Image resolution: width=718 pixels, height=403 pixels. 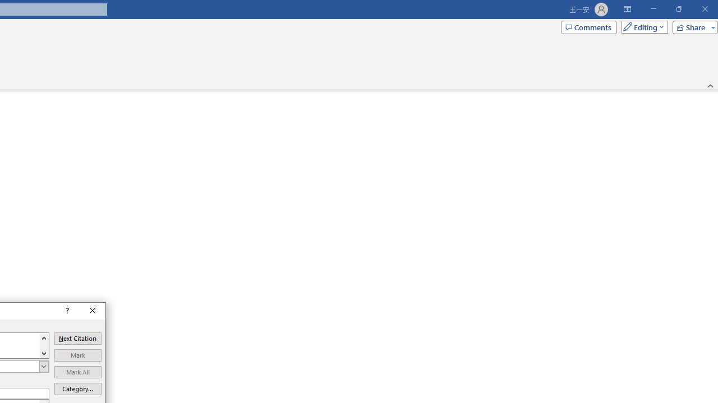 What do you see at coordinates (77, 338) in the screenshot?
I see `'Next Citation'` at bounding box center [77, 338].